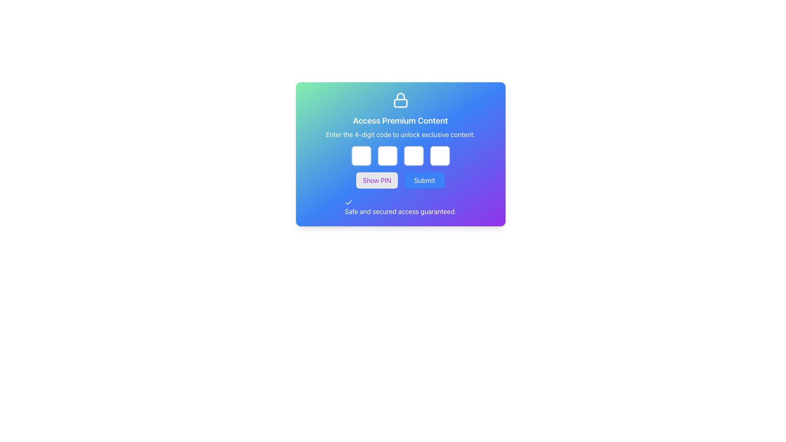 This screenshot has height=442, width=786. Describe the element at coordinates (400, 134) in the screenshot. I see `the text label that instructs users to enter a 4-digit code, located below the title 'Access Premium Content' and above the input field group` at that location.